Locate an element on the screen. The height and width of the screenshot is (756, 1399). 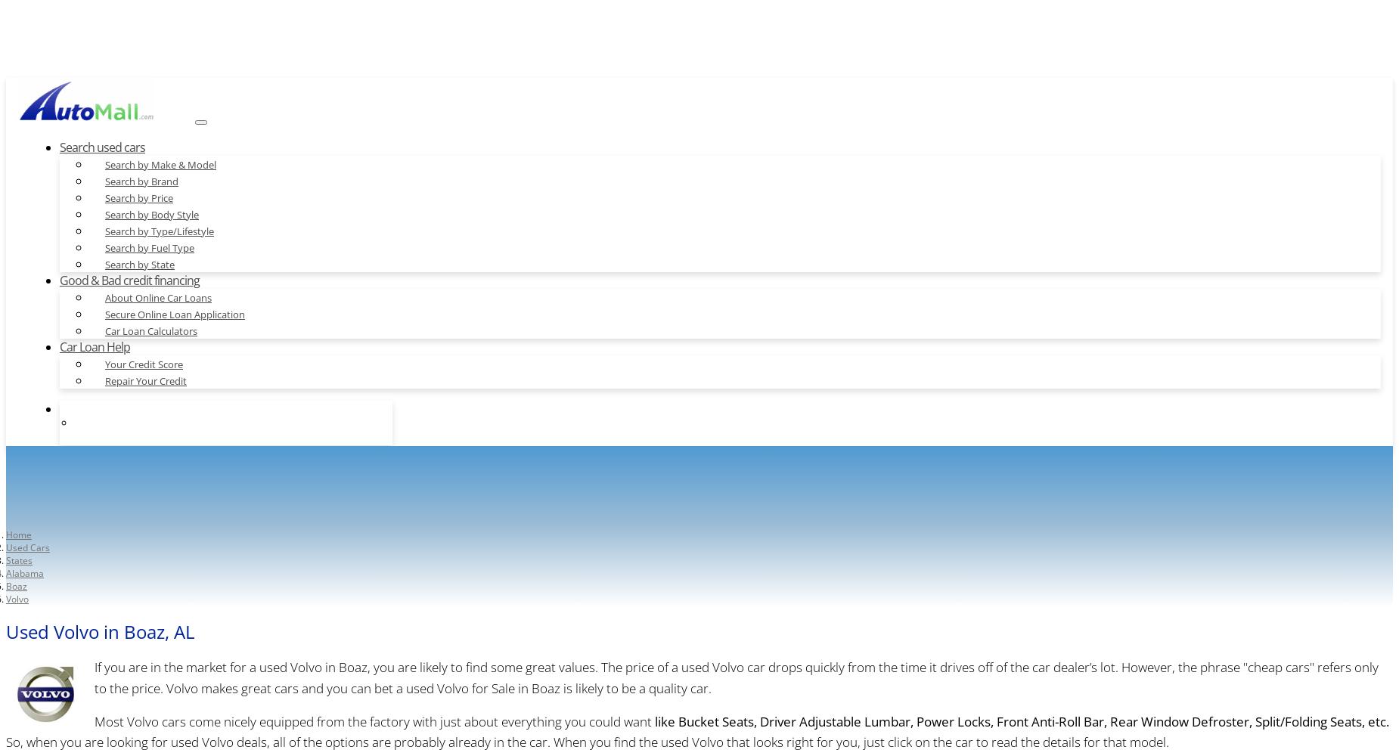
'Used Cars' is located at coordinates (27, 546).